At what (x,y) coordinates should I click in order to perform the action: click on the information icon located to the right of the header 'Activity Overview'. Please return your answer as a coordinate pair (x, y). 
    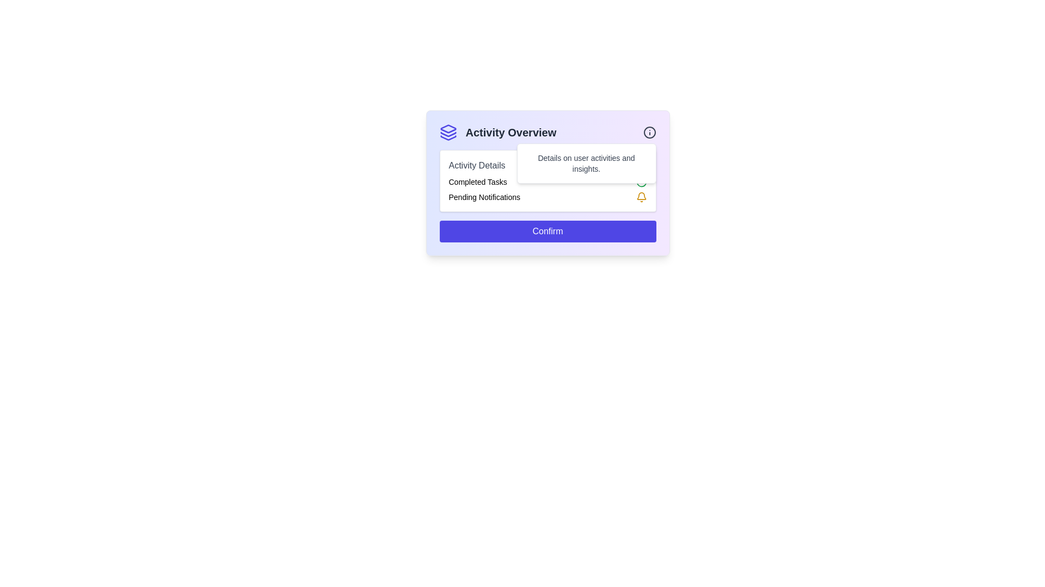
    Looking at the image, I should click on (649, 132).